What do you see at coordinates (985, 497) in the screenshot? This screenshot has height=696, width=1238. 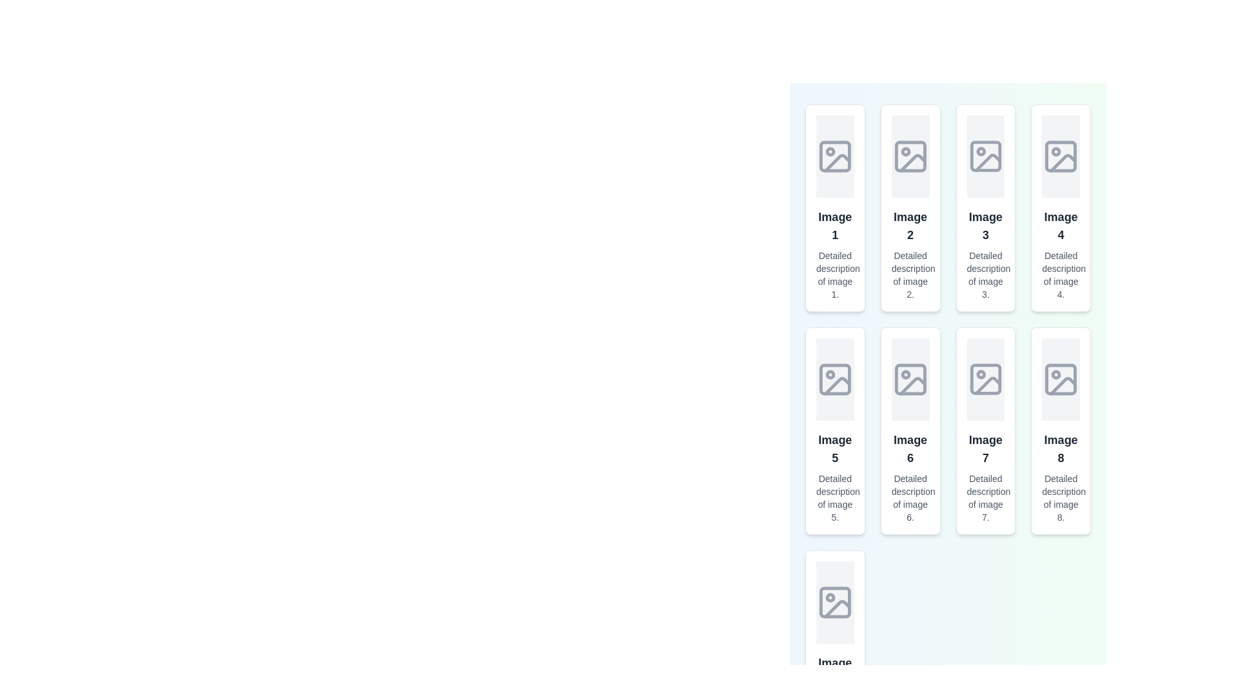 I see `the Text label that provides additional details about 'Image 7', positioned in the bottom section of its card, below the heading` at bounding box center [985, 497].